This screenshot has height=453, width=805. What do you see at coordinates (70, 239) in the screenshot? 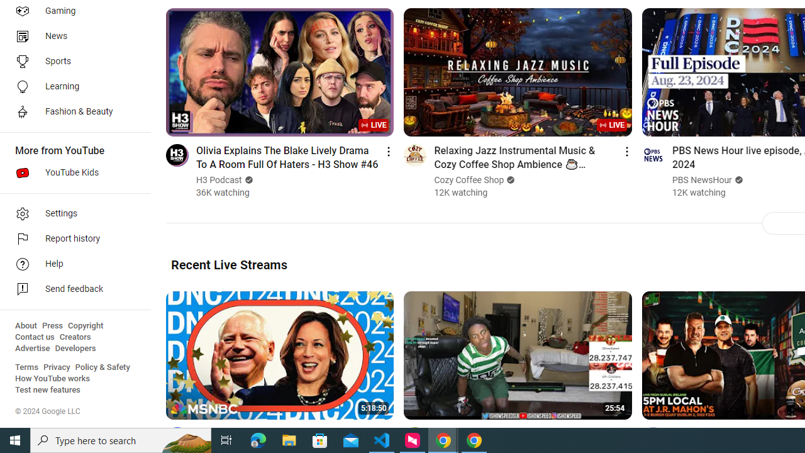
I see `'Report history'` at bounding box center [70, 239].